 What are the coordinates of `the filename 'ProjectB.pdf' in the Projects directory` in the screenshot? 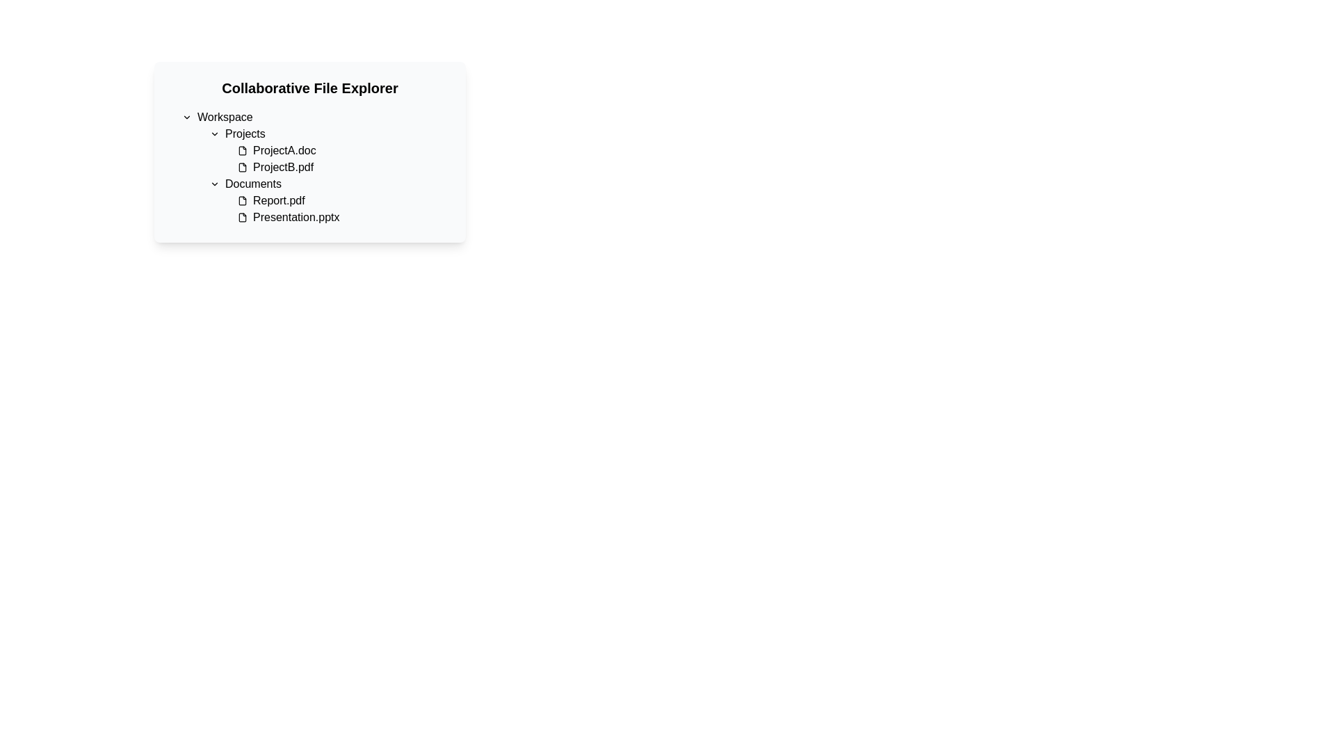 It's located at (282, 166).